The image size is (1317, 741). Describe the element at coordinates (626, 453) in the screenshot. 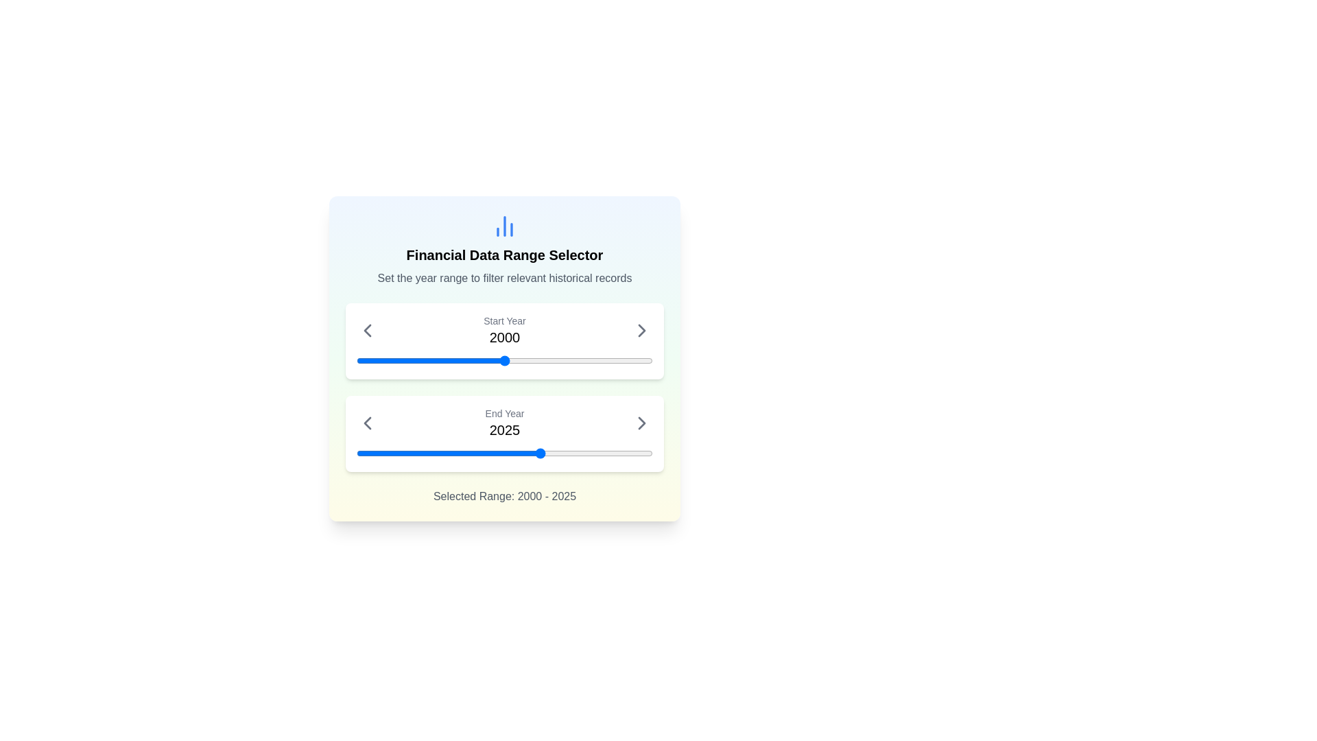

I see `the slider` at that location.